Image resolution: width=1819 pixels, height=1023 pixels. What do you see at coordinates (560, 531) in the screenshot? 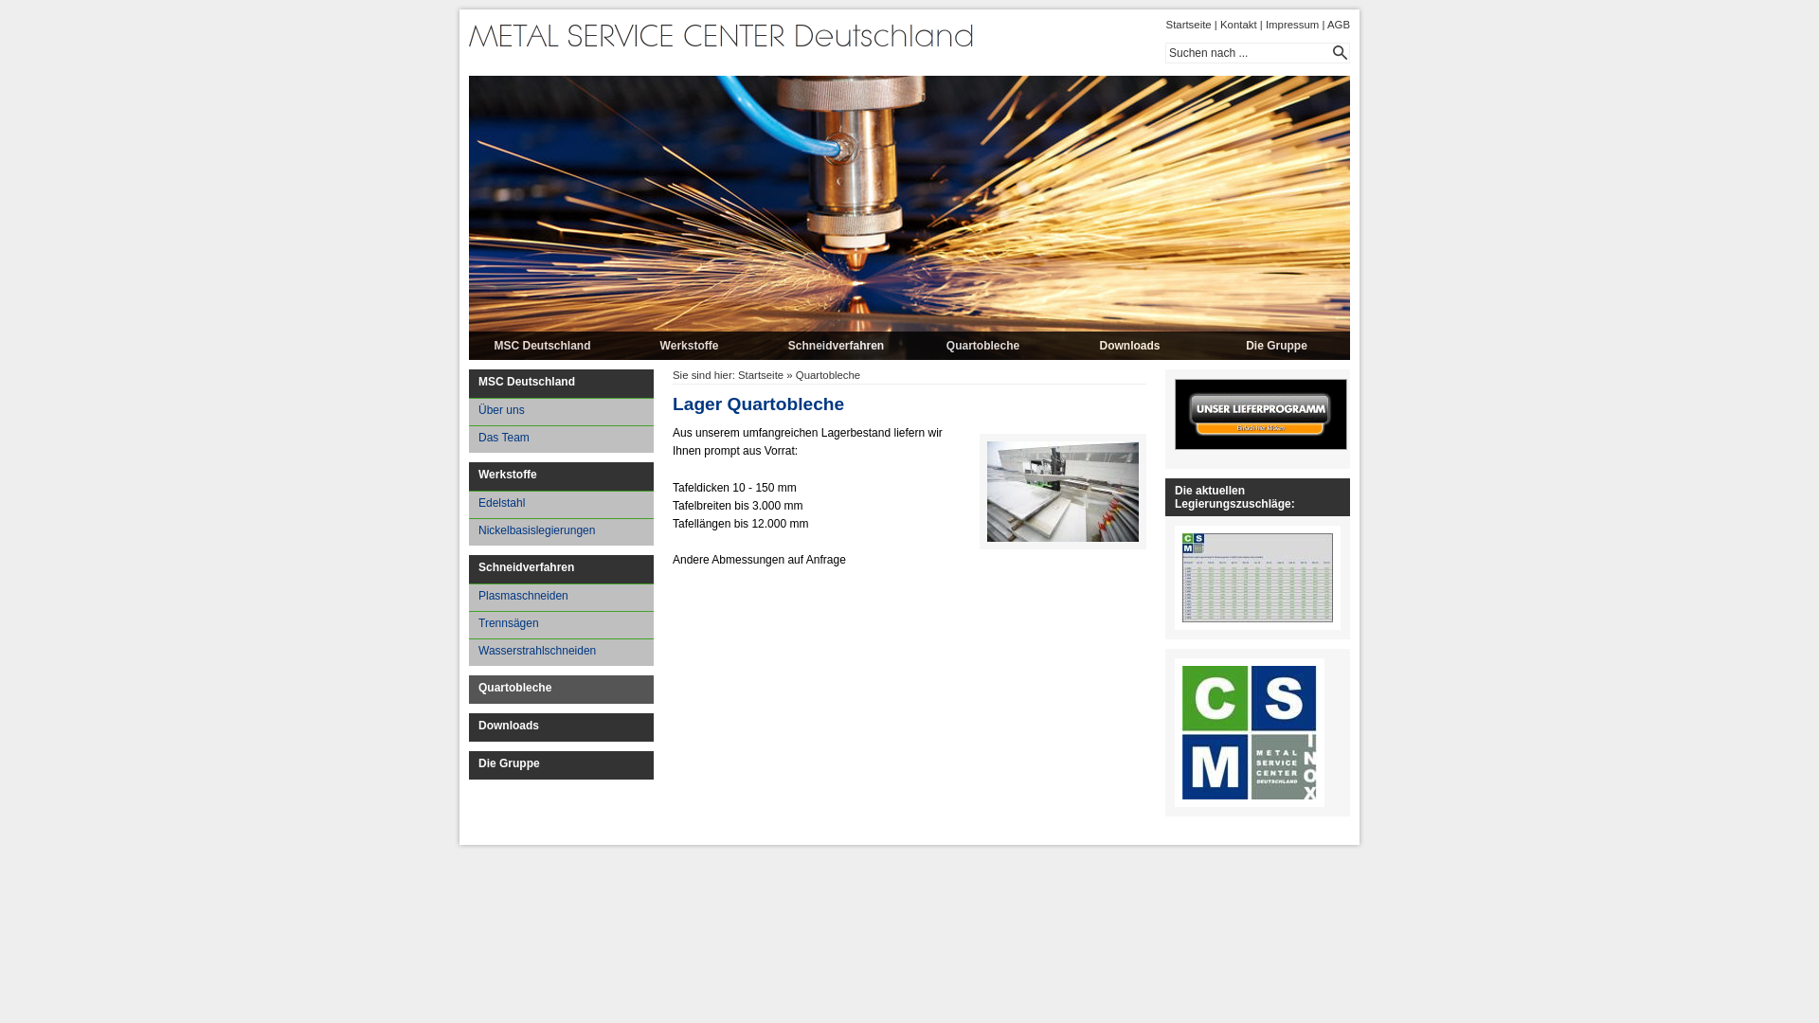
I see `'Nickelbasislegierungen'` at bounding box center [560, 531].